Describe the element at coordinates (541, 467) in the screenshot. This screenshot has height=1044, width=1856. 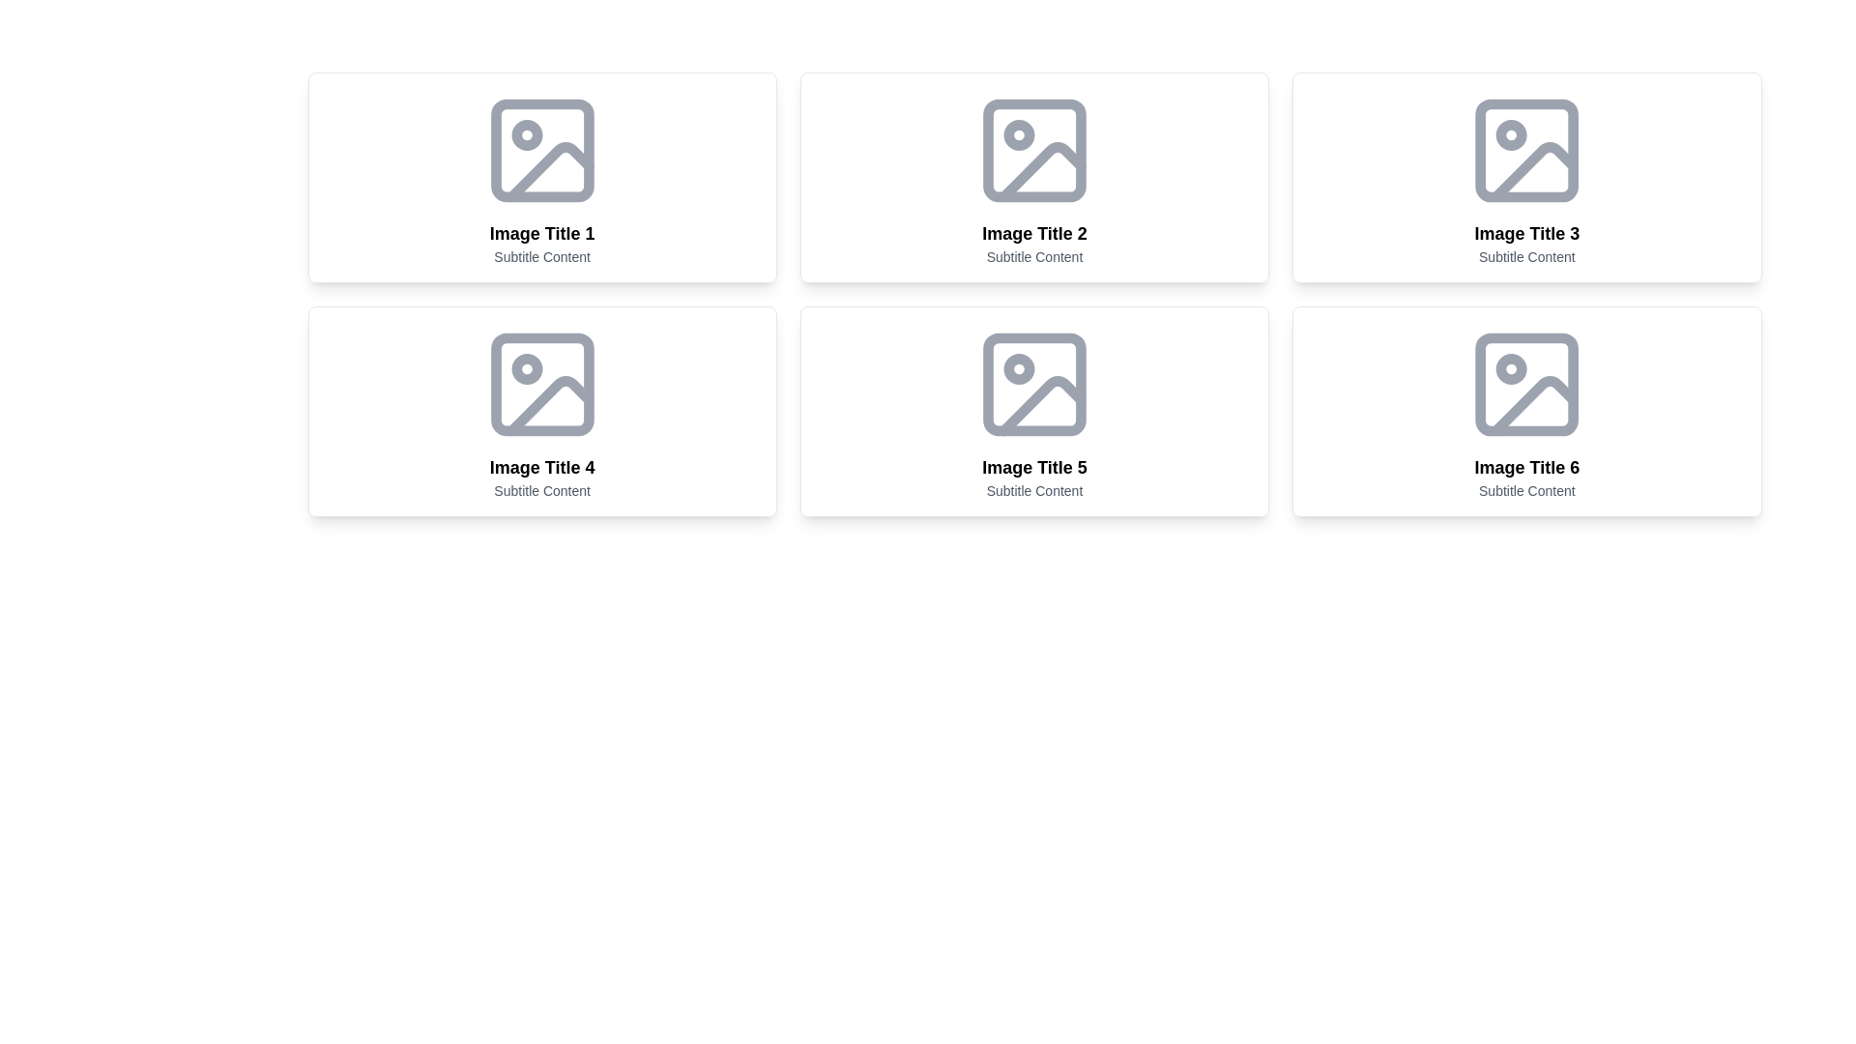
I see `text content of the bold header displaying 'Image Title 4', which is located in the second row and first column of a 2x3 grid layout of image cards` at that location.